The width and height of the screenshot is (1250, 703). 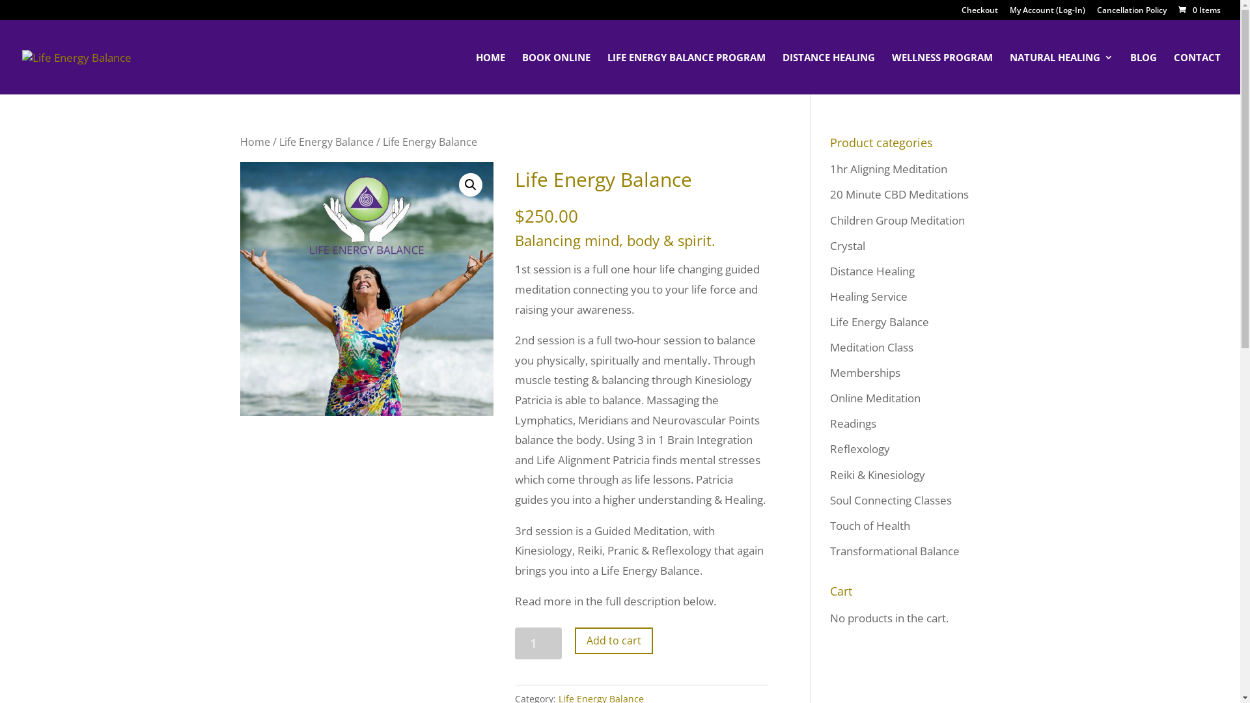 I want to click on 'Transformational Balance', so click(x=828, y=551).